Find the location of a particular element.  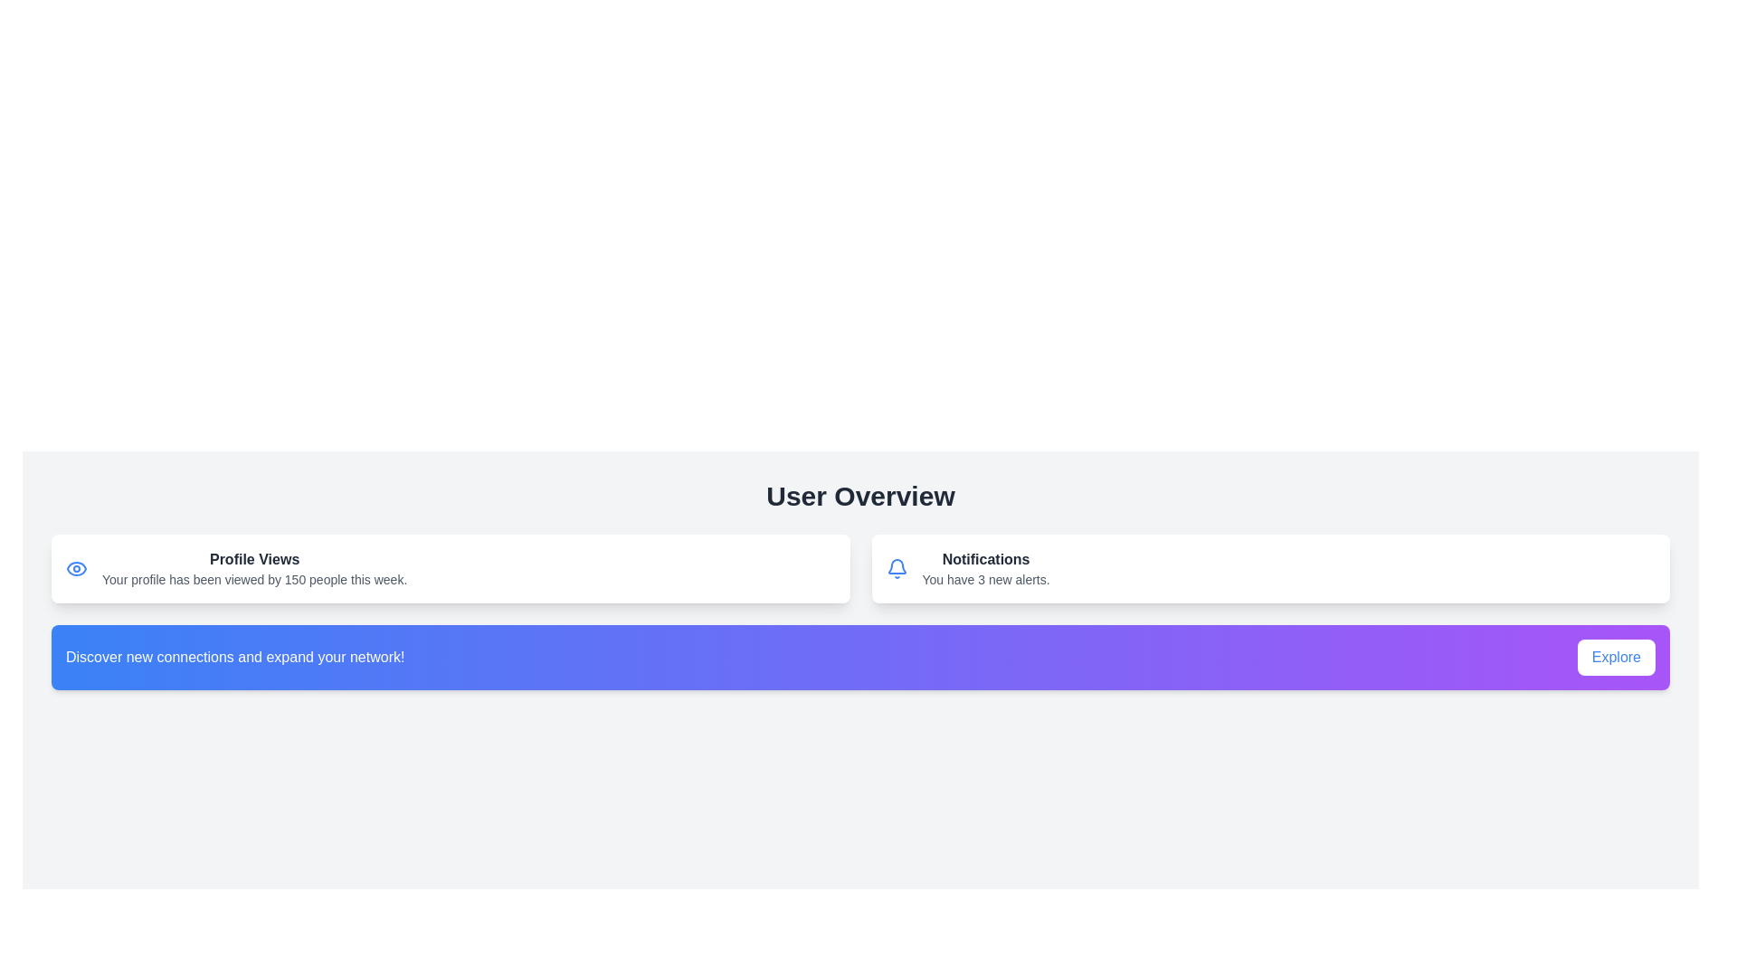

the button at the far right end of the gradient bar below 'User Overview' is located at coordinates (1616, 657).